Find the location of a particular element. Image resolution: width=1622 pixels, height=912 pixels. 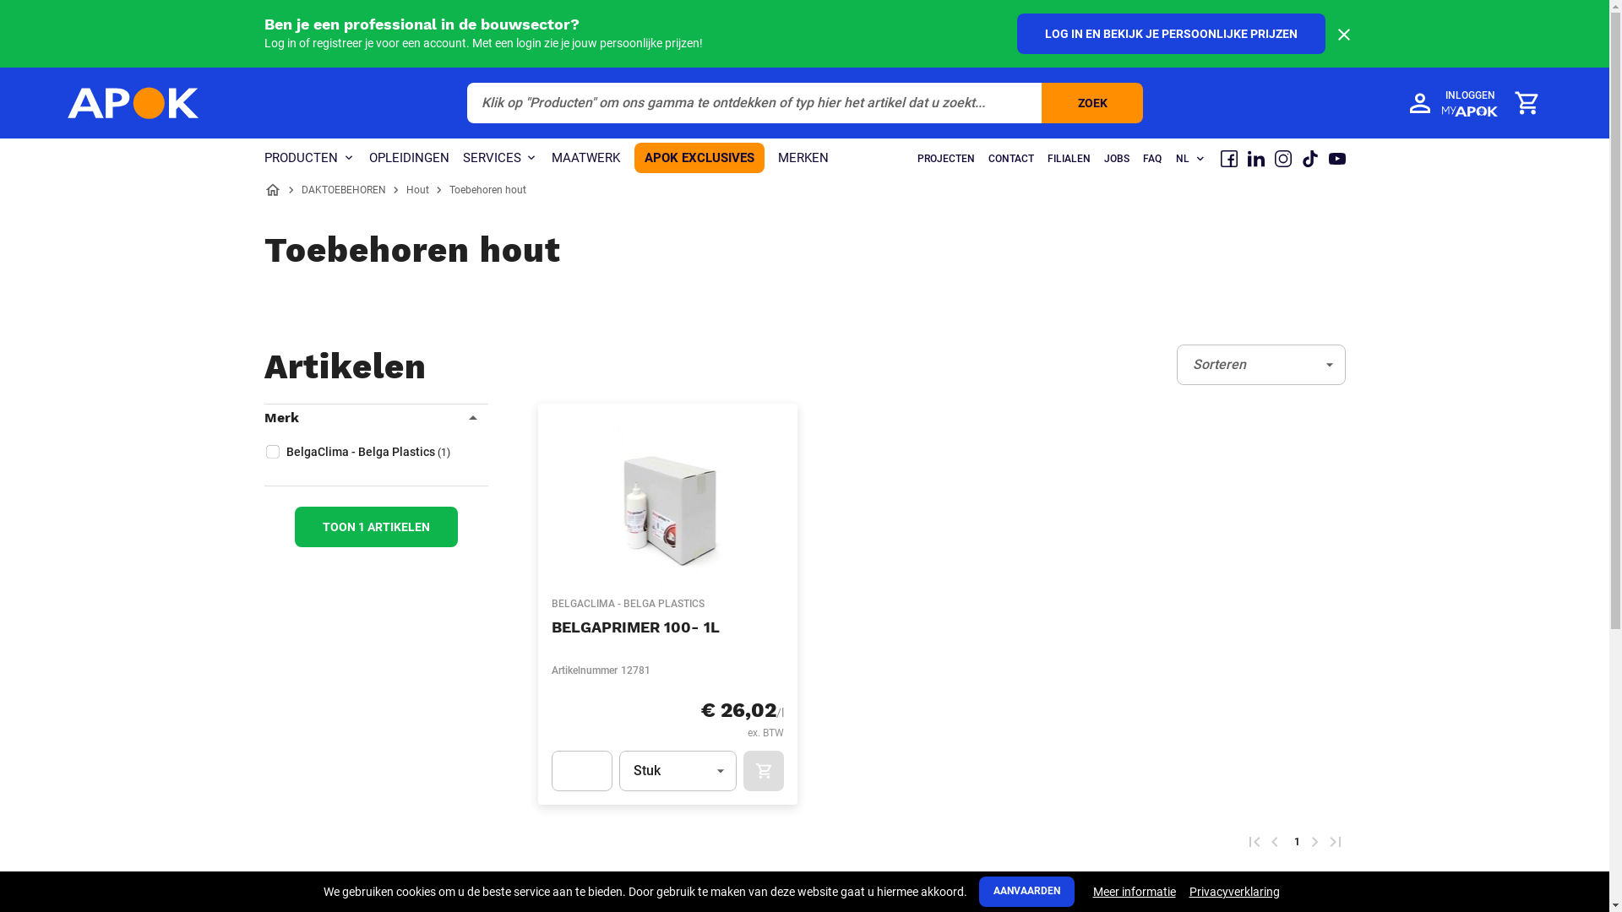

'BELGAPRIMER 100- 1L' is located at coordinates (551, 627).